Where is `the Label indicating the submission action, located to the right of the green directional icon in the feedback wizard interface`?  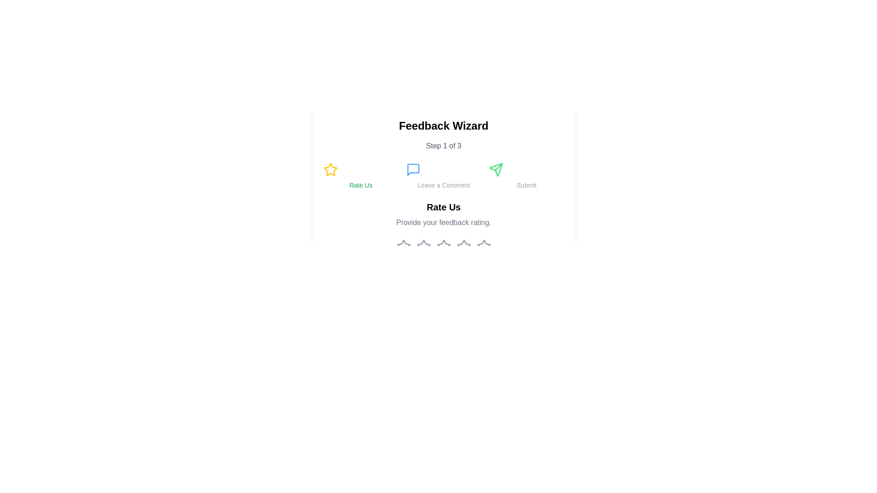
the Label indicating the submission action, located to the right of the green directional icon in the feedback wizard interface is located at coordinates (526, 185).